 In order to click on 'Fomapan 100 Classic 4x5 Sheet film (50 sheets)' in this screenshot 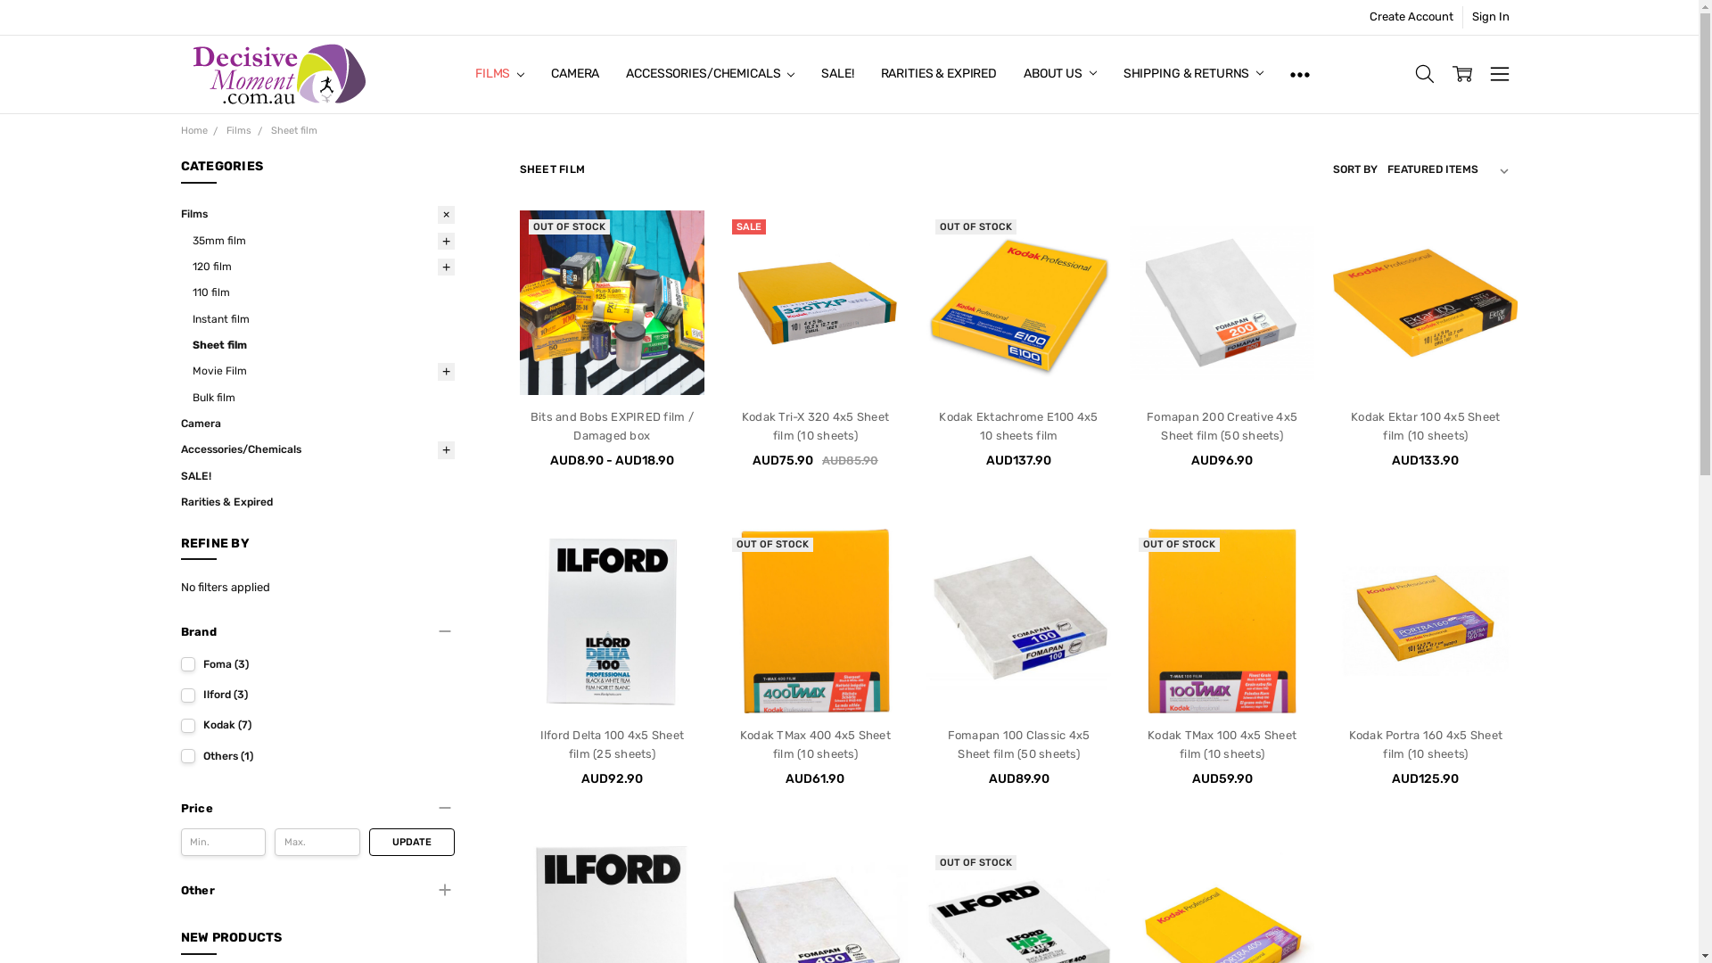, I will do `click(1018, 744)`.